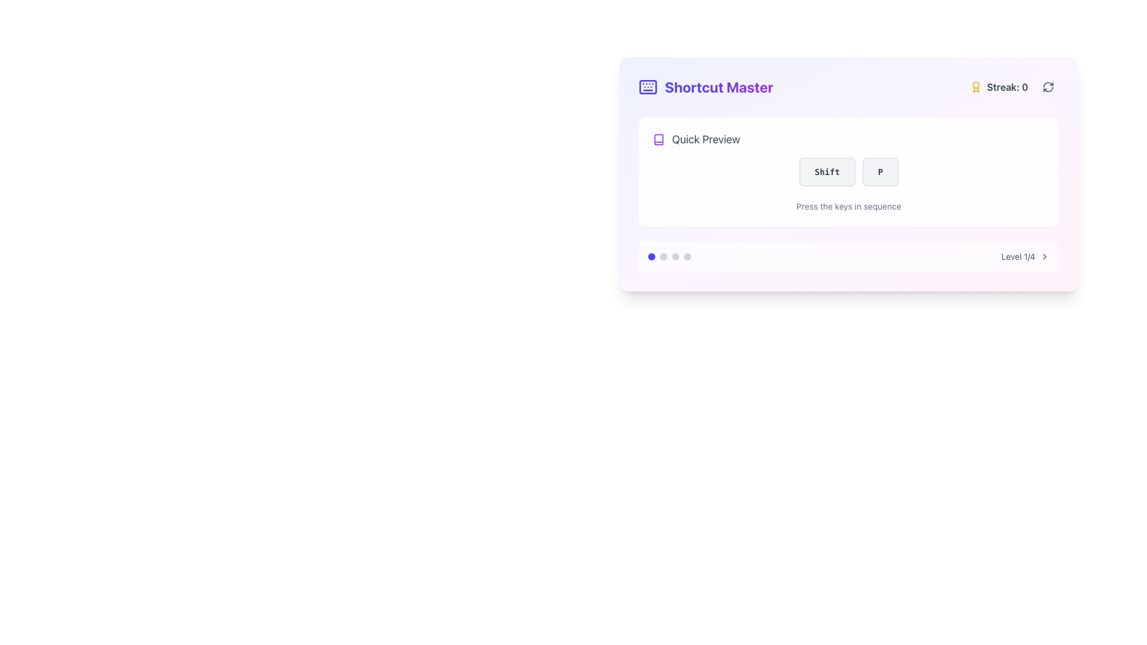  Describe the element at coordinates (663, 256) in the screenshot. I see `the second circular Indicator Dot located below the 'Shortcut Master' panel` at that location.